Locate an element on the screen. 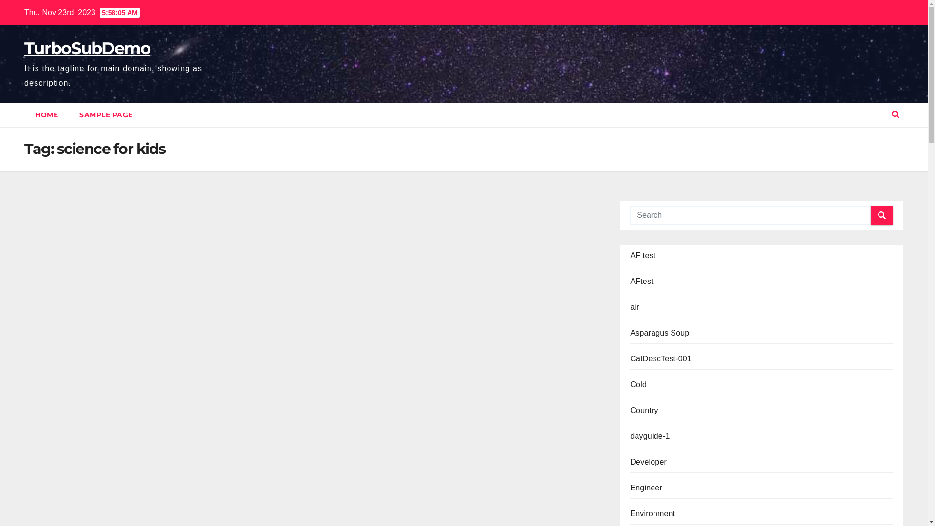  'Cold' is located at coordinates (638, 384).